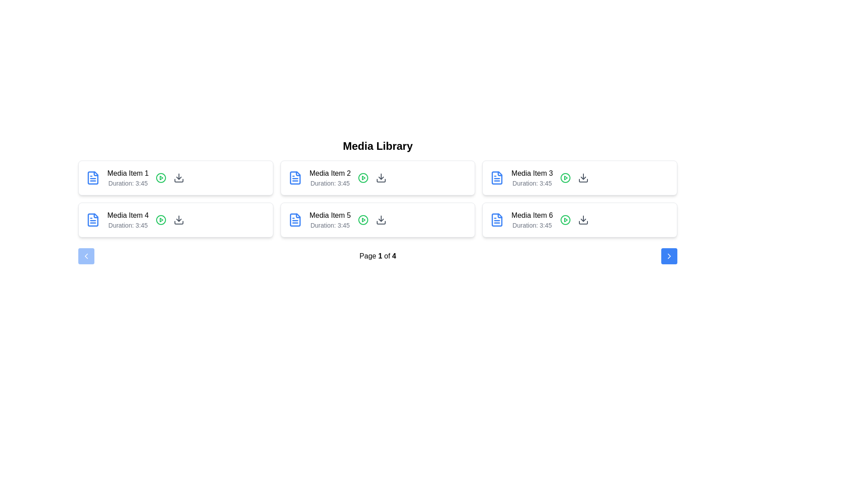 The width and height of the screenshot is (859, 483). I want to click on the circular visual boundary element that forms a border around the triangular play symbol in the second media card of the media library layout, which is centrally placed within the green play button, so click(363, 178).